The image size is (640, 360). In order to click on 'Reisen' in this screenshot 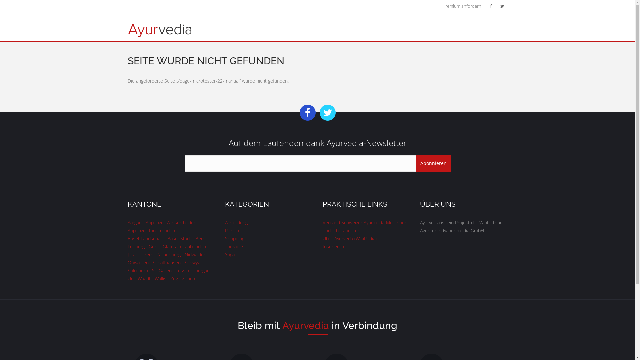, I will do `click(225, 230)`.